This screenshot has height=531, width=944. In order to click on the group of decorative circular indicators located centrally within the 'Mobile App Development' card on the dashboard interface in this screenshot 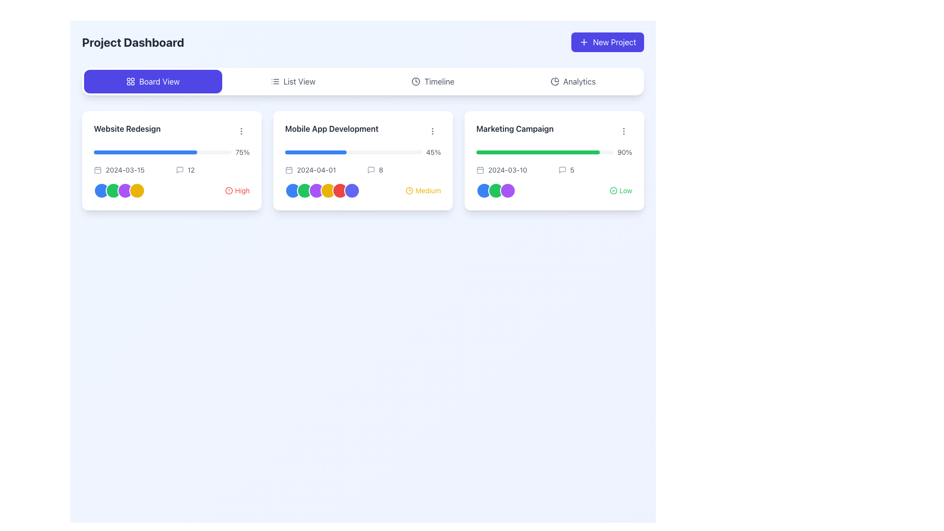, I will do `click(323, 191)`.